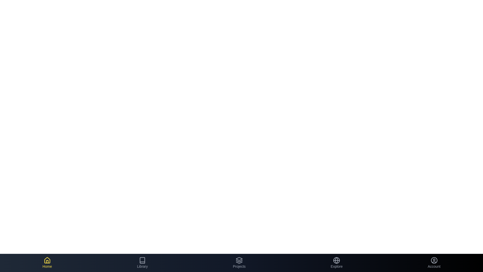 Image resolution: width=483 pixels, height=272 pixels. What do you see at coordinates (239, 263) in the screenshot?
I see `the Projects tab to navigate to its section` at bounding box center [239, 263].